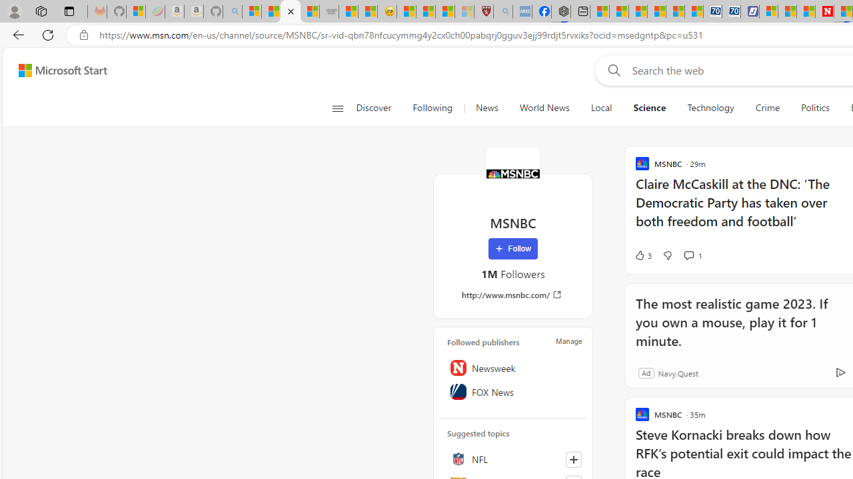 The height and width of the screenshot is (479, 853). I want to click on 'http://www.msnbc.com/', so click(512, 294).